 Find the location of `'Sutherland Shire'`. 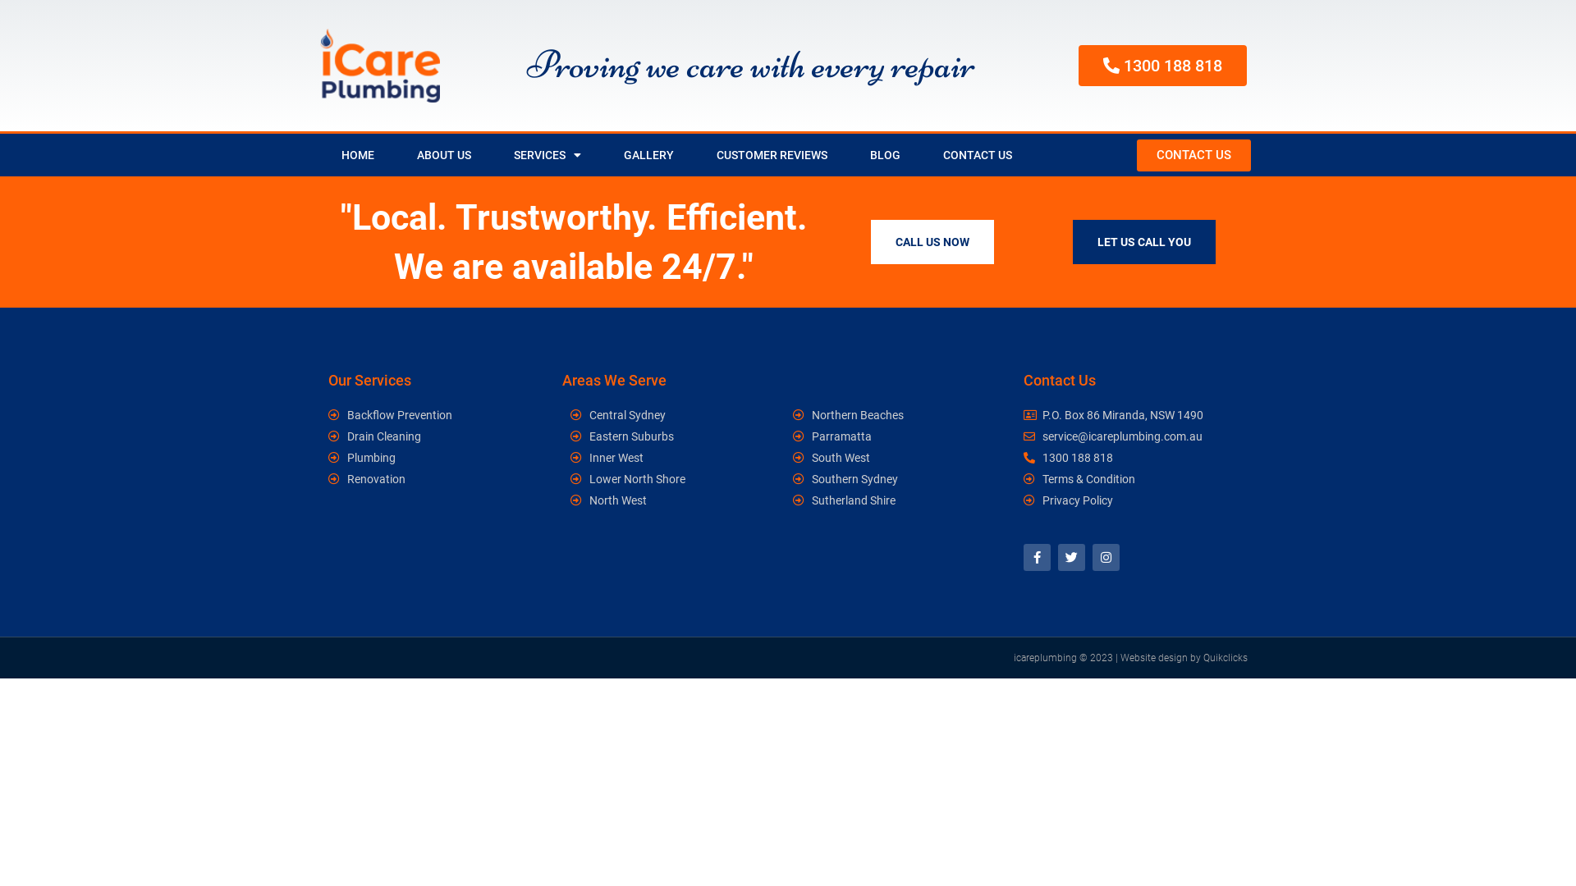

'Sutherland Shire' is located at coordinates (792, 499).